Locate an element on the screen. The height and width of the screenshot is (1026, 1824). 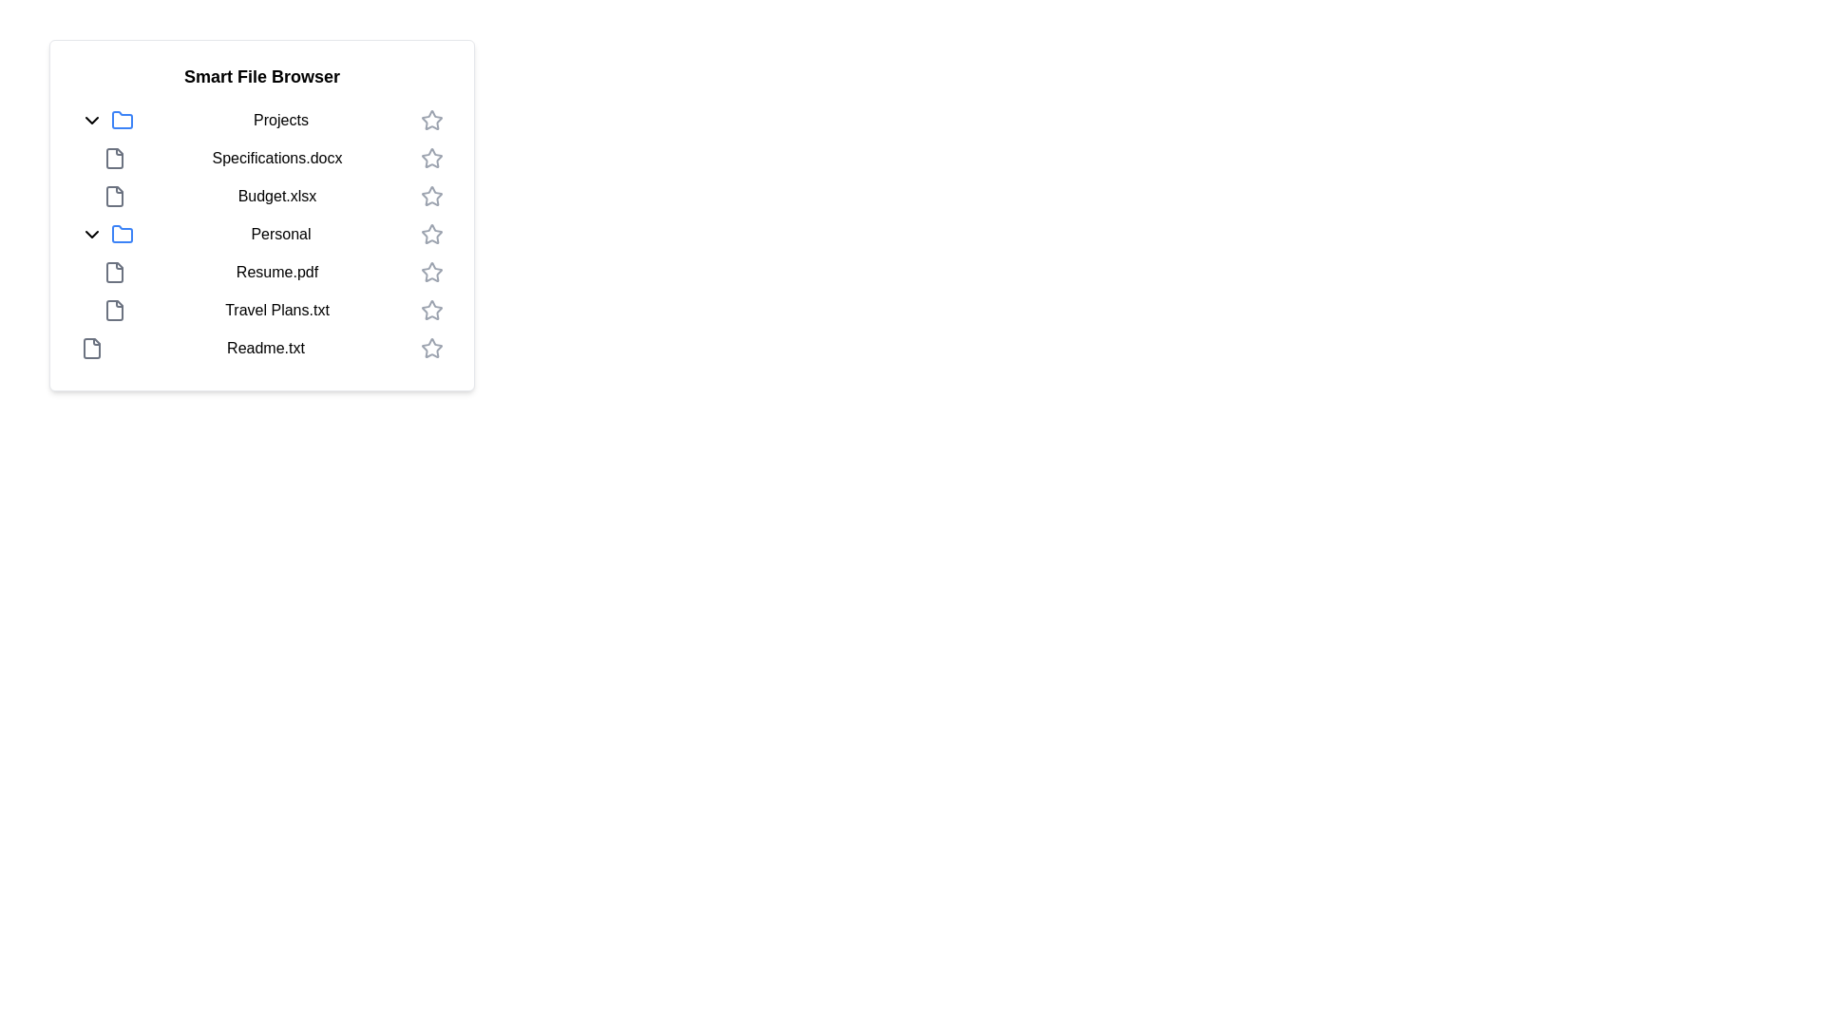
the rectangular gray icon resembling a file document with a folded corner that represents 'Budget.xlsx', the second item under the 'Projects' folder grouping is located at coordinates (113, 197).